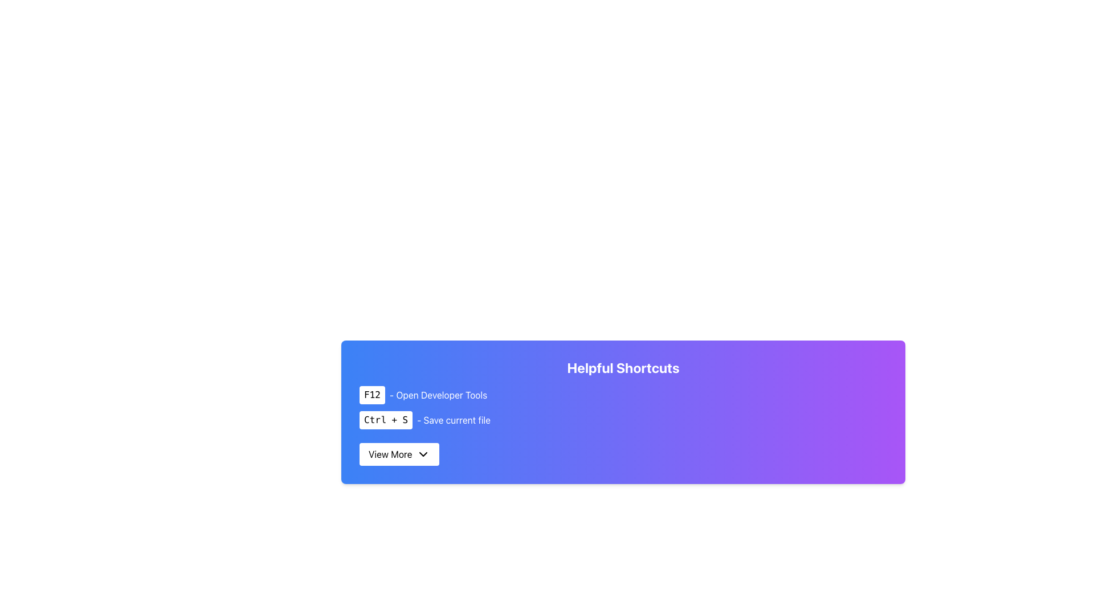 The image size is (1094, 615). Describe the element at coordinates (453, 420) in the screenshot. I see `the text describing the 'Ctrl + S' keyboard shortcut, located on the 'Helpful Shortcuts' card at the bottom right of the application layout` at that location.